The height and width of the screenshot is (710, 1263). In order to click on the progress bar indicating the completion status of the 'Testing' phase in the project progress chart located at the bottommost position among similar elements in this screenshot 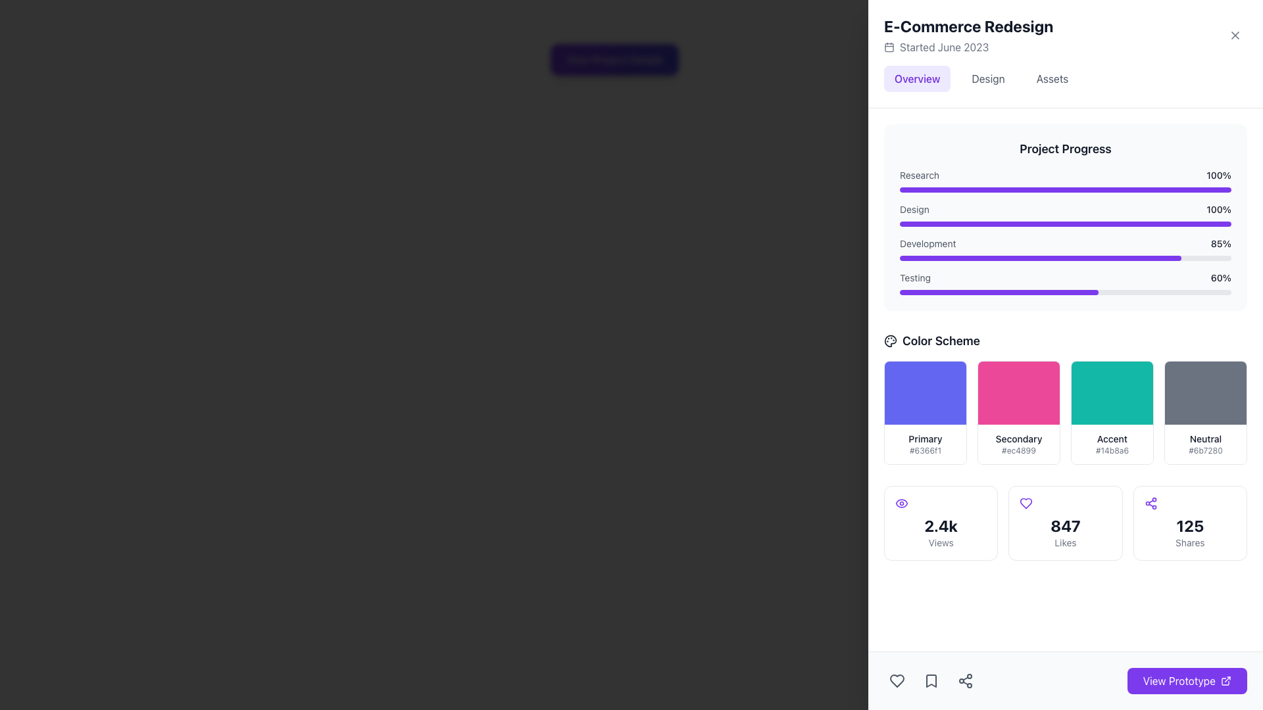, I will do `click(1066, 283)`.